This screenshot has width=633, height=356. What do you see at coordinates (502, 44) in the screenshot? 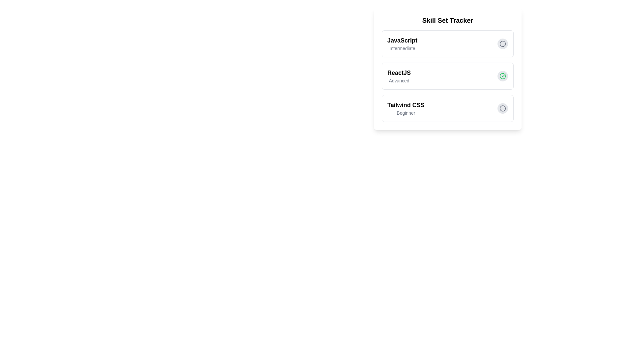
I see `the small circular button with a gray background and an unfilled circle icon located at the top-right corner of the 'JavaScript' card labeled 'Intermediate'` at bounding box center [502, 44].